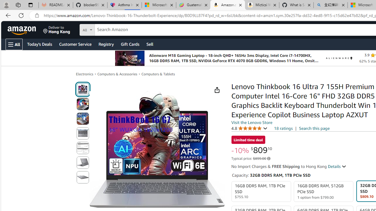 The height and width of the screenshot is (211, 376). I want to click on 'Search in', so click(109, 29).